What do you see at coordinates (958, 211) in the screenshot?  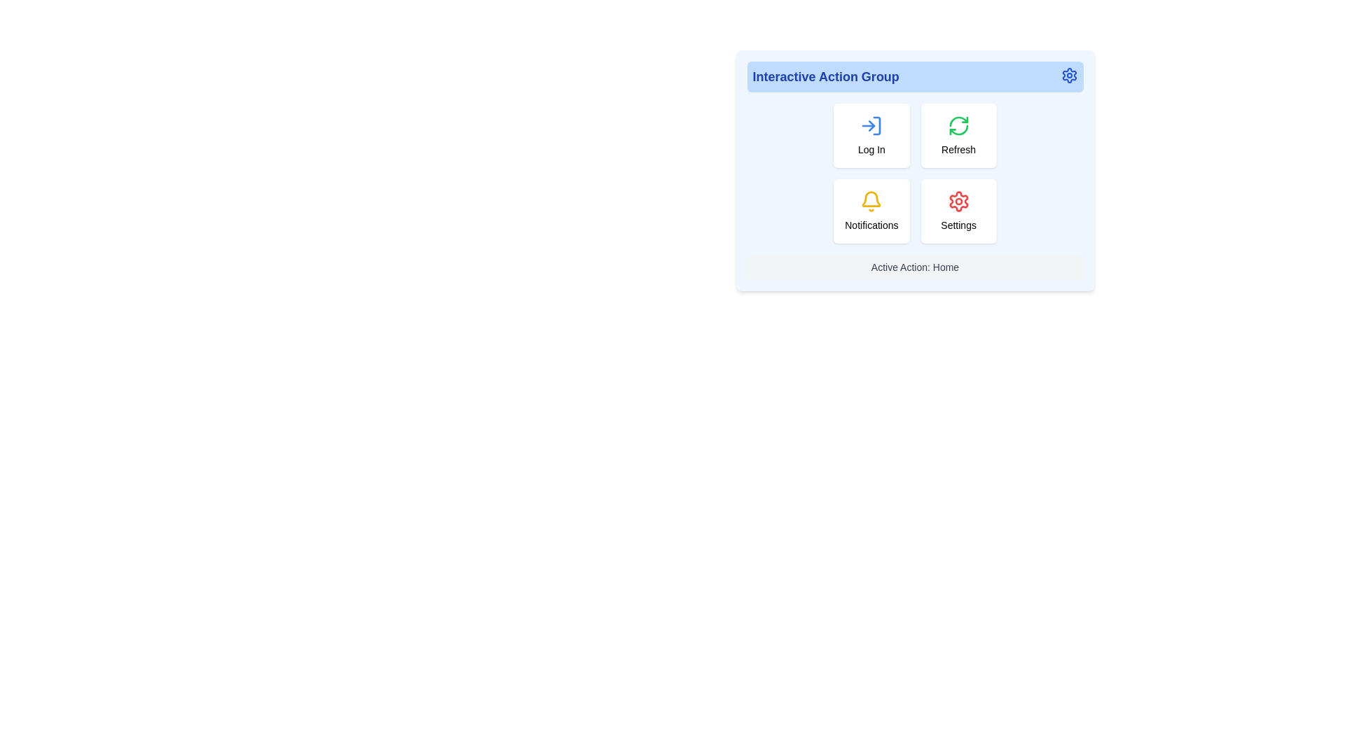 I see `the settings access button located in the lower-right corner of the interactive action group` at bounding box center [958, 211].